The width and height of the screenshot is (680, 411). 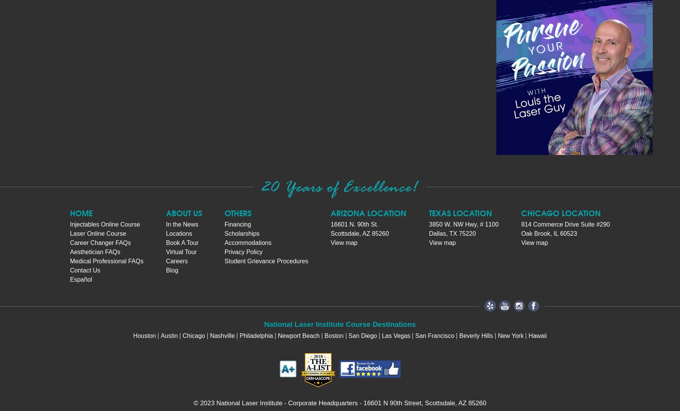 What do you see at coordinates (181, 251) in the screenshot?
I see `'Virtual Tour'` at bounding box center [181, 251].